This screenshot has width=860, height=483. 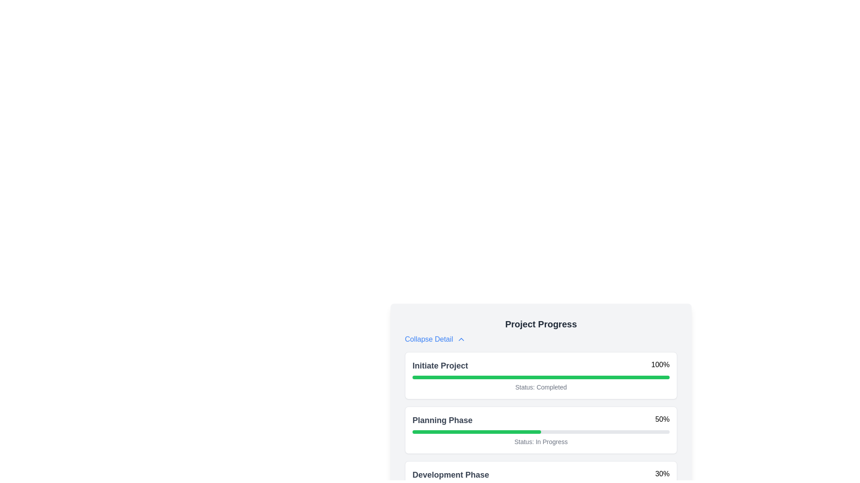 I want to click on the horizontal progress bar indicating 100% completion within the 'Initiate Project' card, so click(x=541, y=377).